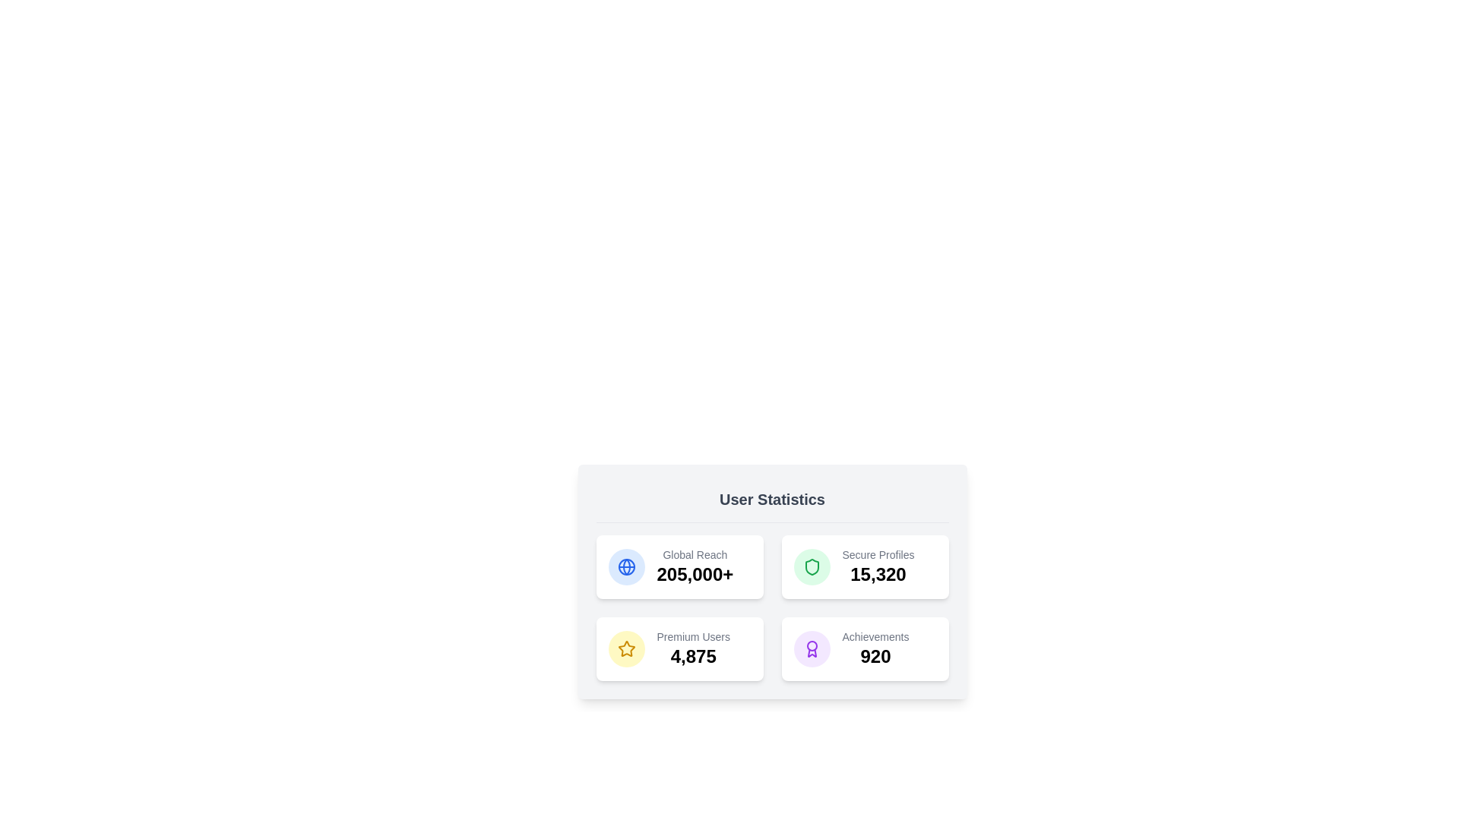 The image size is (1459, 820). I want to click on the text label displaying '920' located in the bottom-right corner of the user statistics panel, positioned below the 'Achievements' label, so click(875, 655).